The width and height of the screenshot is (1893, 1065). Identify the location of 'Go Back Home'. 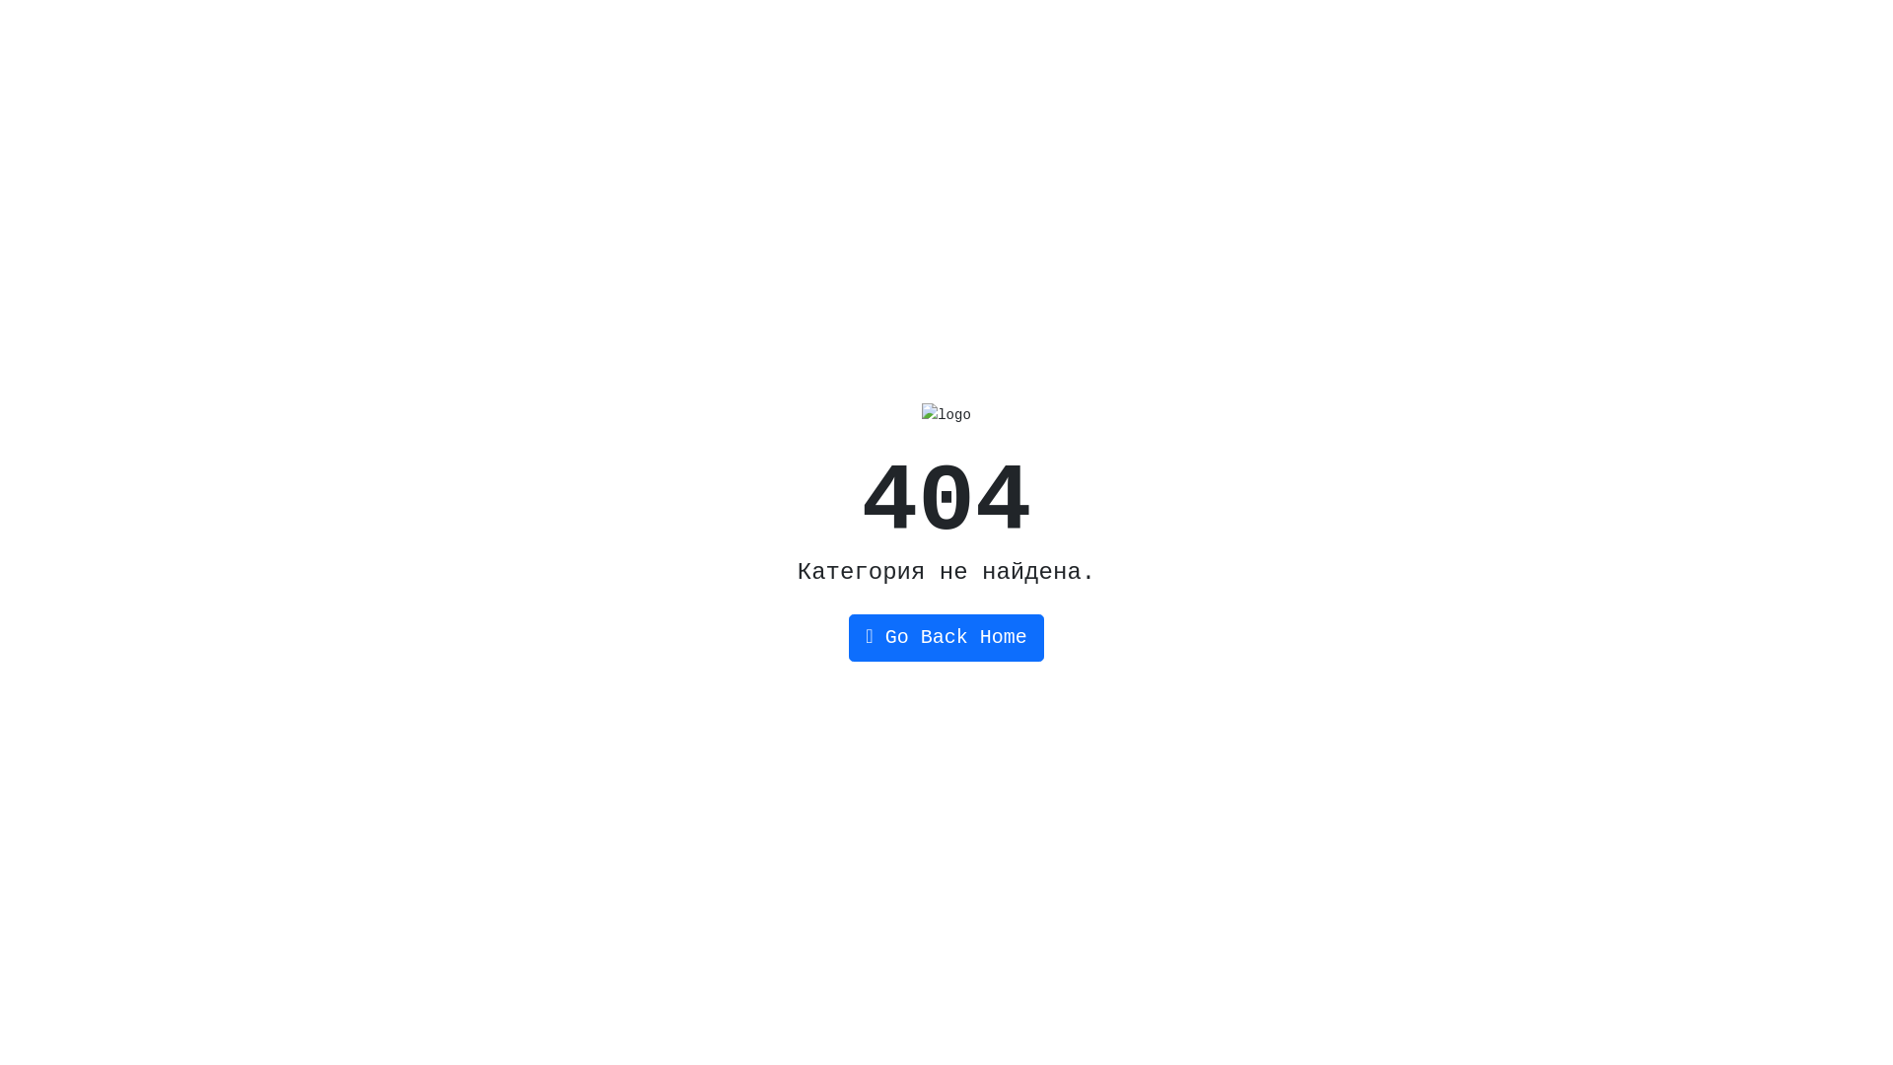
(945, 638).